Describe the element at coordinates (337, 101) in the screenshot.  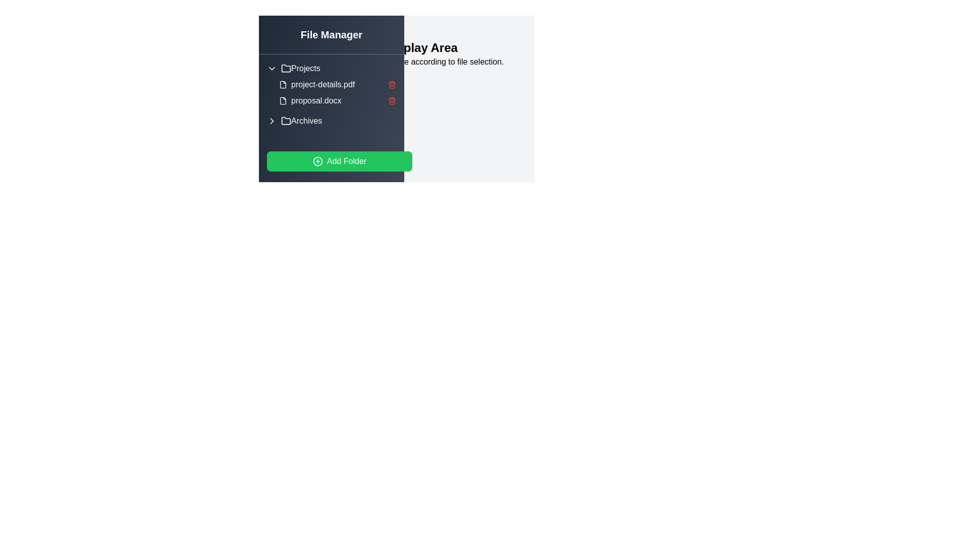
I see `the file named 'proposal.docx' in the 'File Manager' panel` at that location.